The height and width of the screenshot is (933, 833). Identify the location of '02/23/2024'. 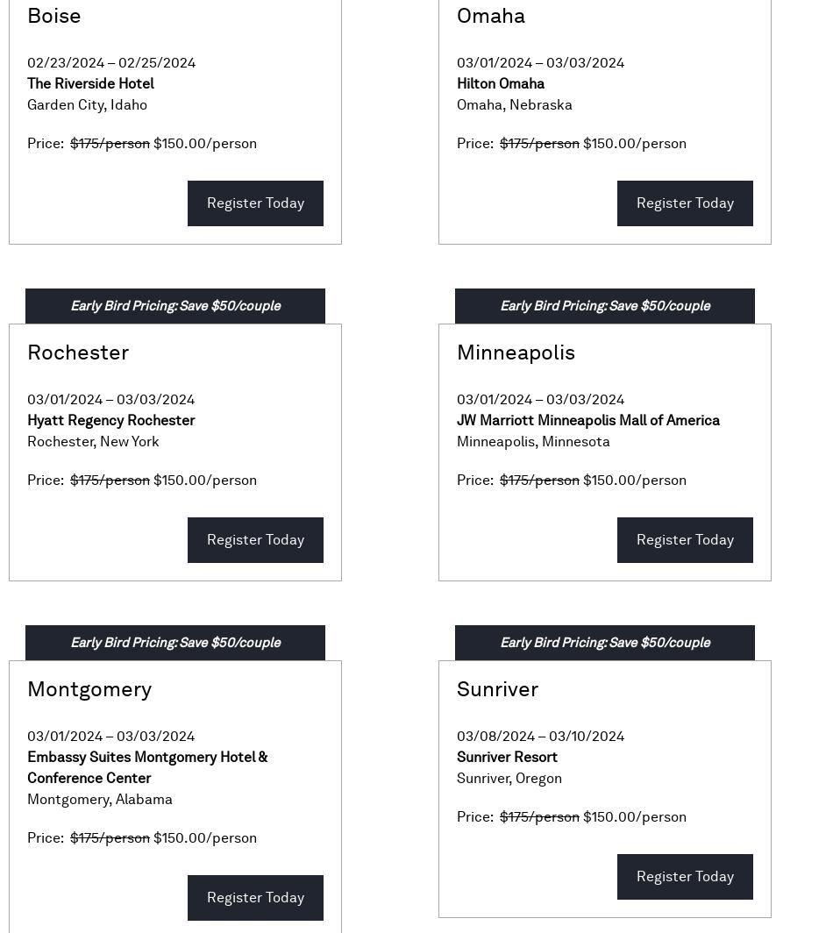
(65, 62).